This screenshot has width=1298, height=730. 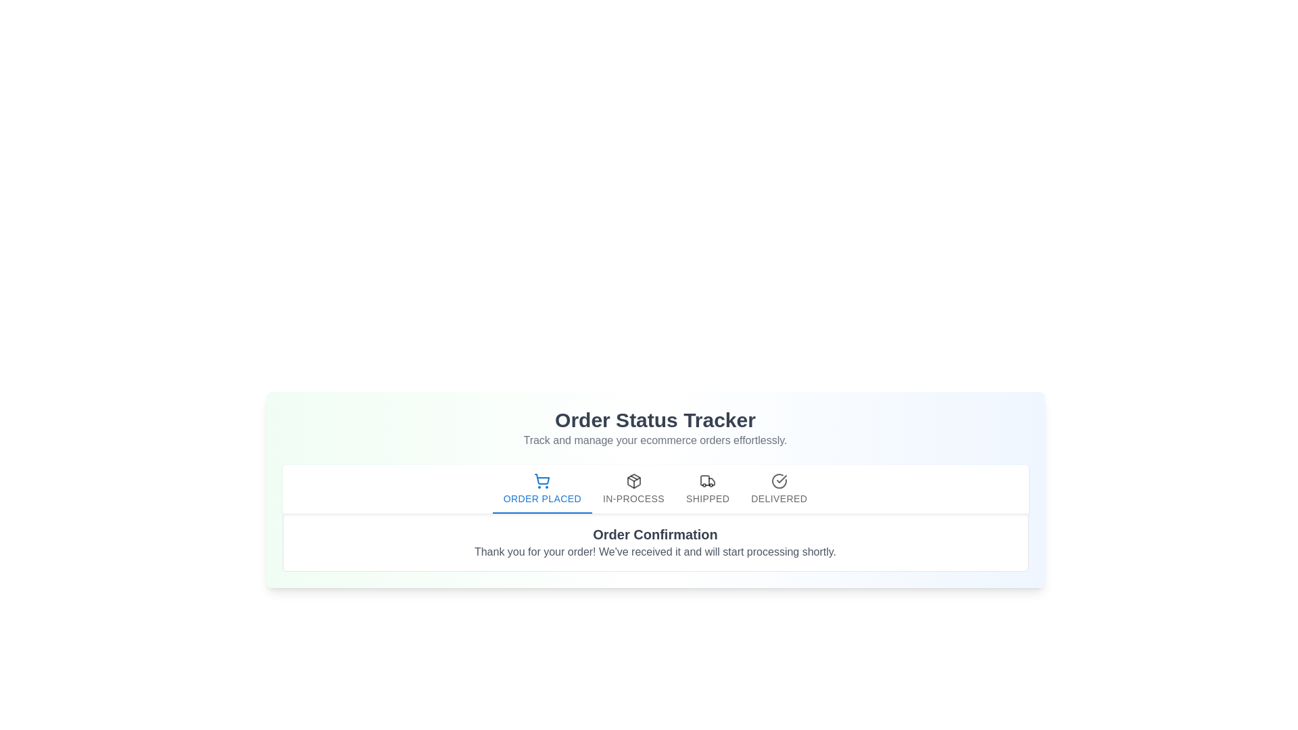 I want to click on the 'In-Process' icon located in the top-right section of the tab bar, which is the second icon representing the current stage in the process flow, so click(x=633, y=481).